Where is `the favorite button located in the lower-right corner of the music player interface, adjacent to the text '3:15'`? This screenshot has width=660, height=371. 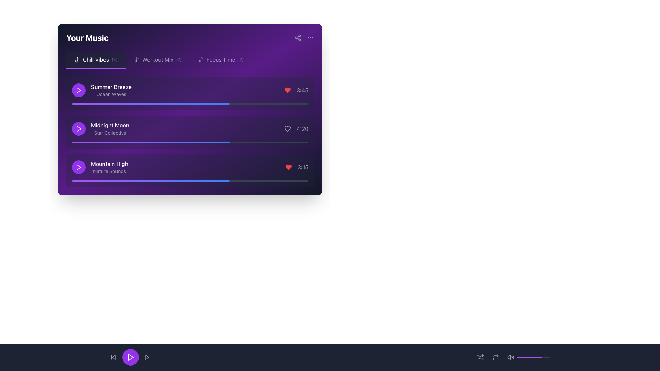
the favorite button located in the lower-right corner of the music player interface, adjacent to the text '3:15' is located at coordinates (289, 167).